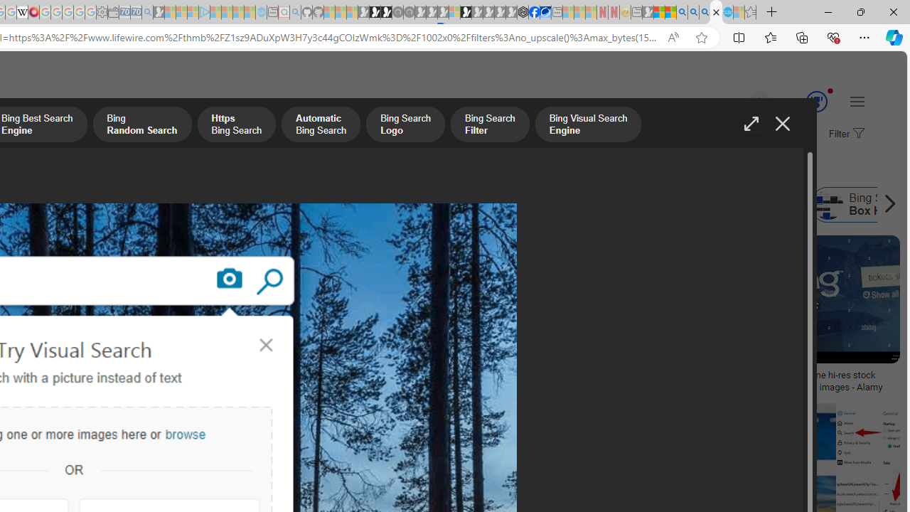  Describe the element at coordinates (681, 12) in the screenshot. I see `'Bing AI - Search'` at that location.